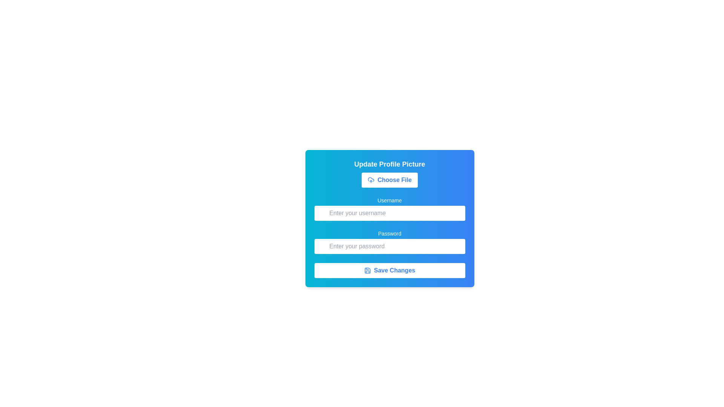  Describe the element at coordinates (390, 242) in the screenshot. I see `the Password input field located below the Username field in the form layout to focus on it` at that location.